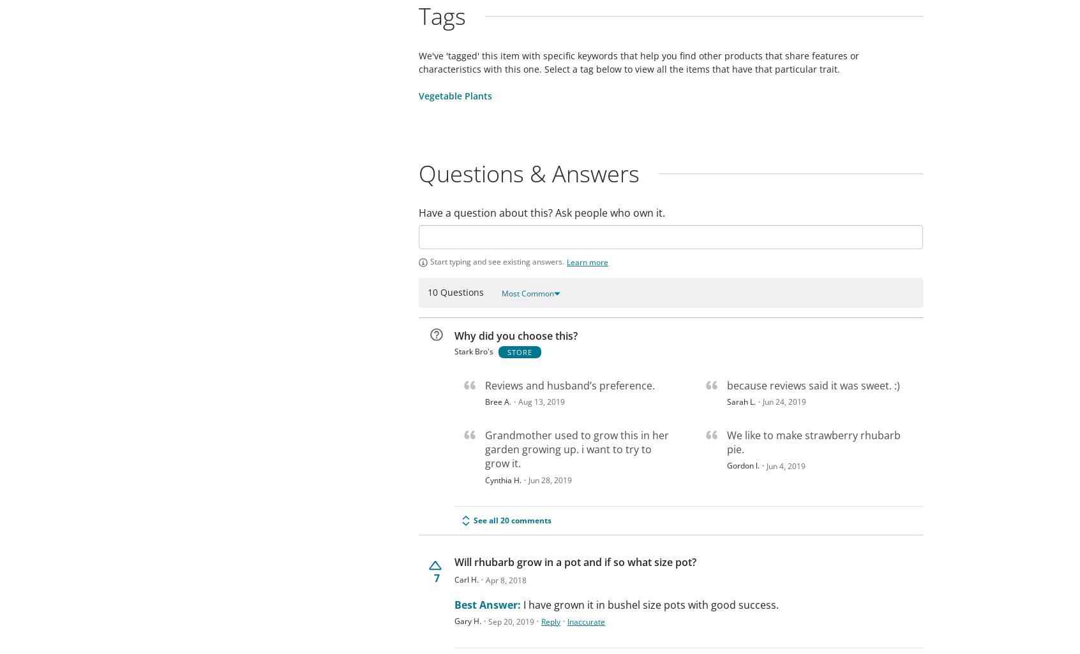  I want to click on '7', so click(436, 577).